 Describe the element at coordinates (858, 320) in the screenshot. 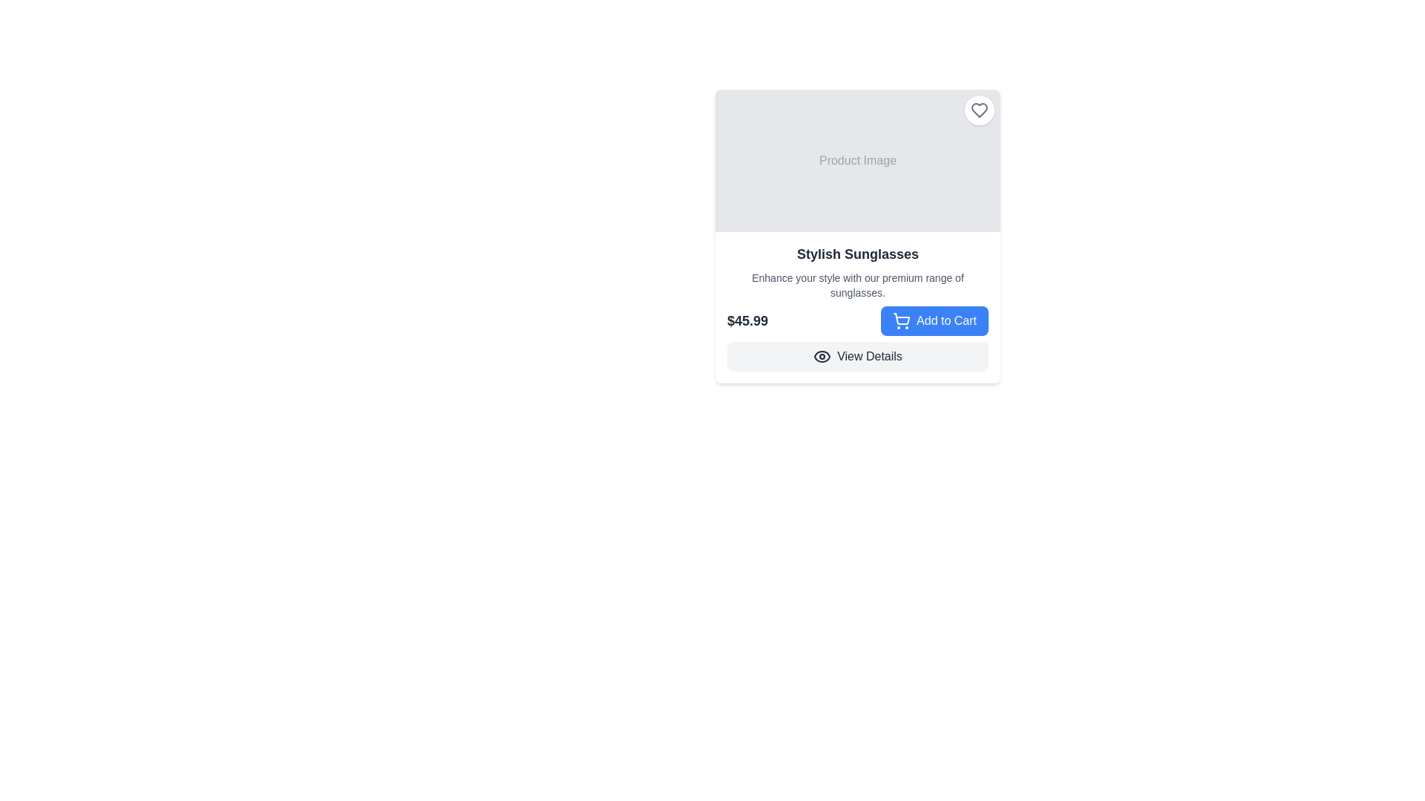

I see `the button within the product's information section to trigger the hover effect` at that location.